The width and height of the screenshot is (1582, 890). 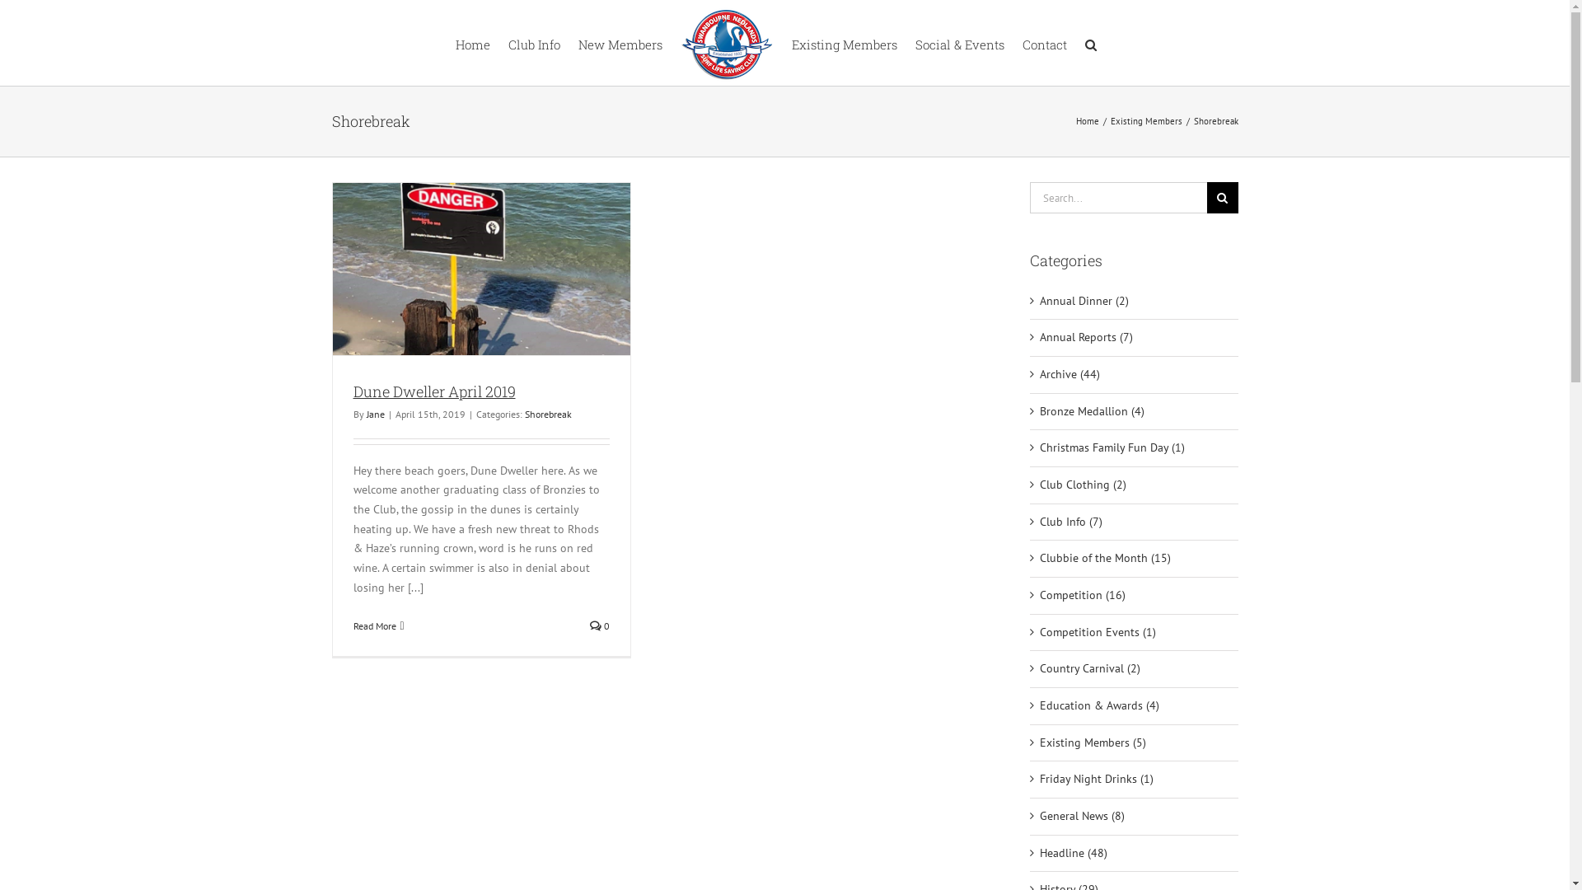 I want to click on 'Home', so click(x=470, y=41).